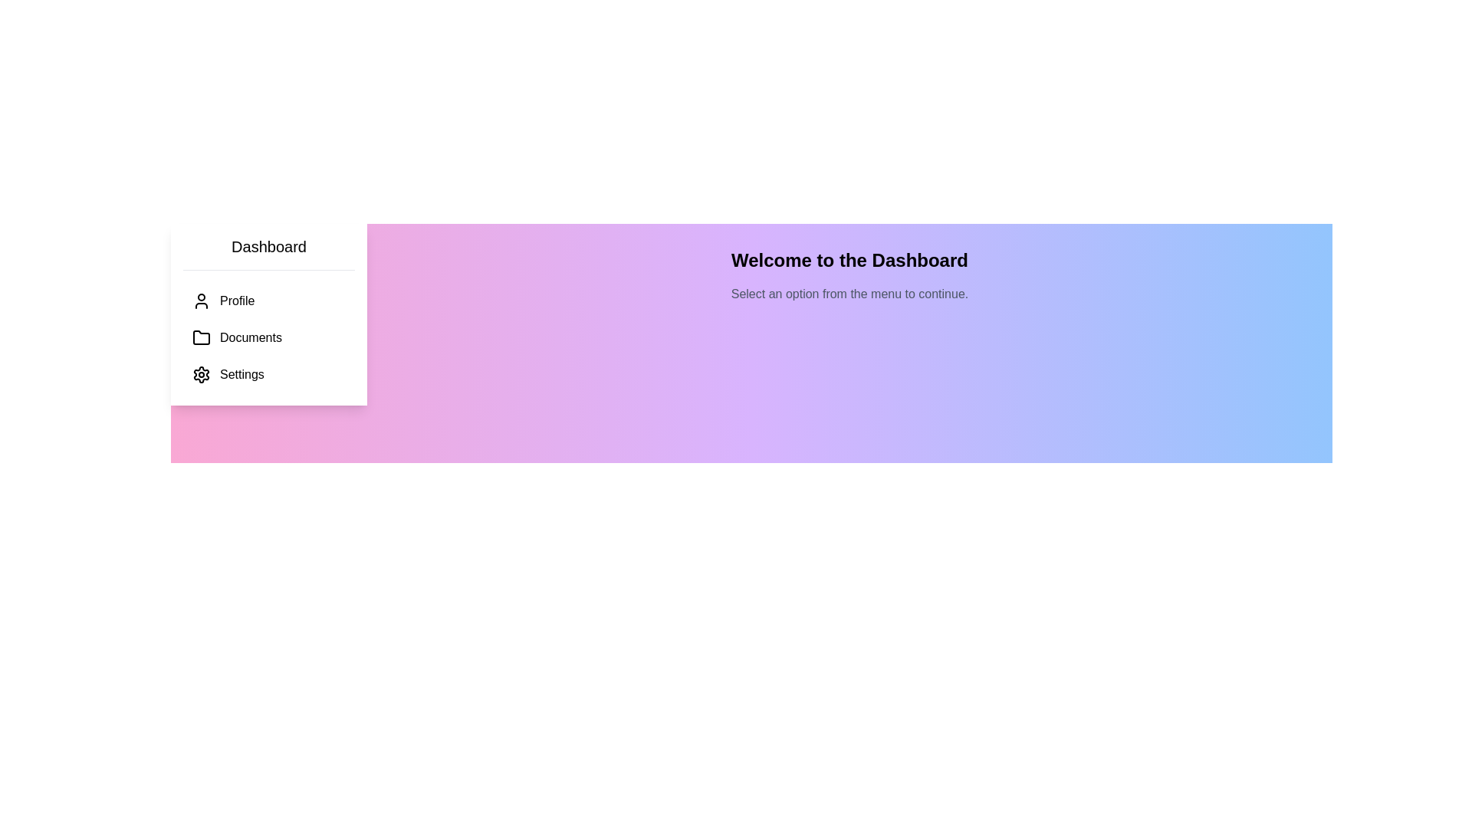  What do you see at coordinates (268, 375) in the screenshot?
I see `the navigation menu item Settings` at bounding box center [268, 375].